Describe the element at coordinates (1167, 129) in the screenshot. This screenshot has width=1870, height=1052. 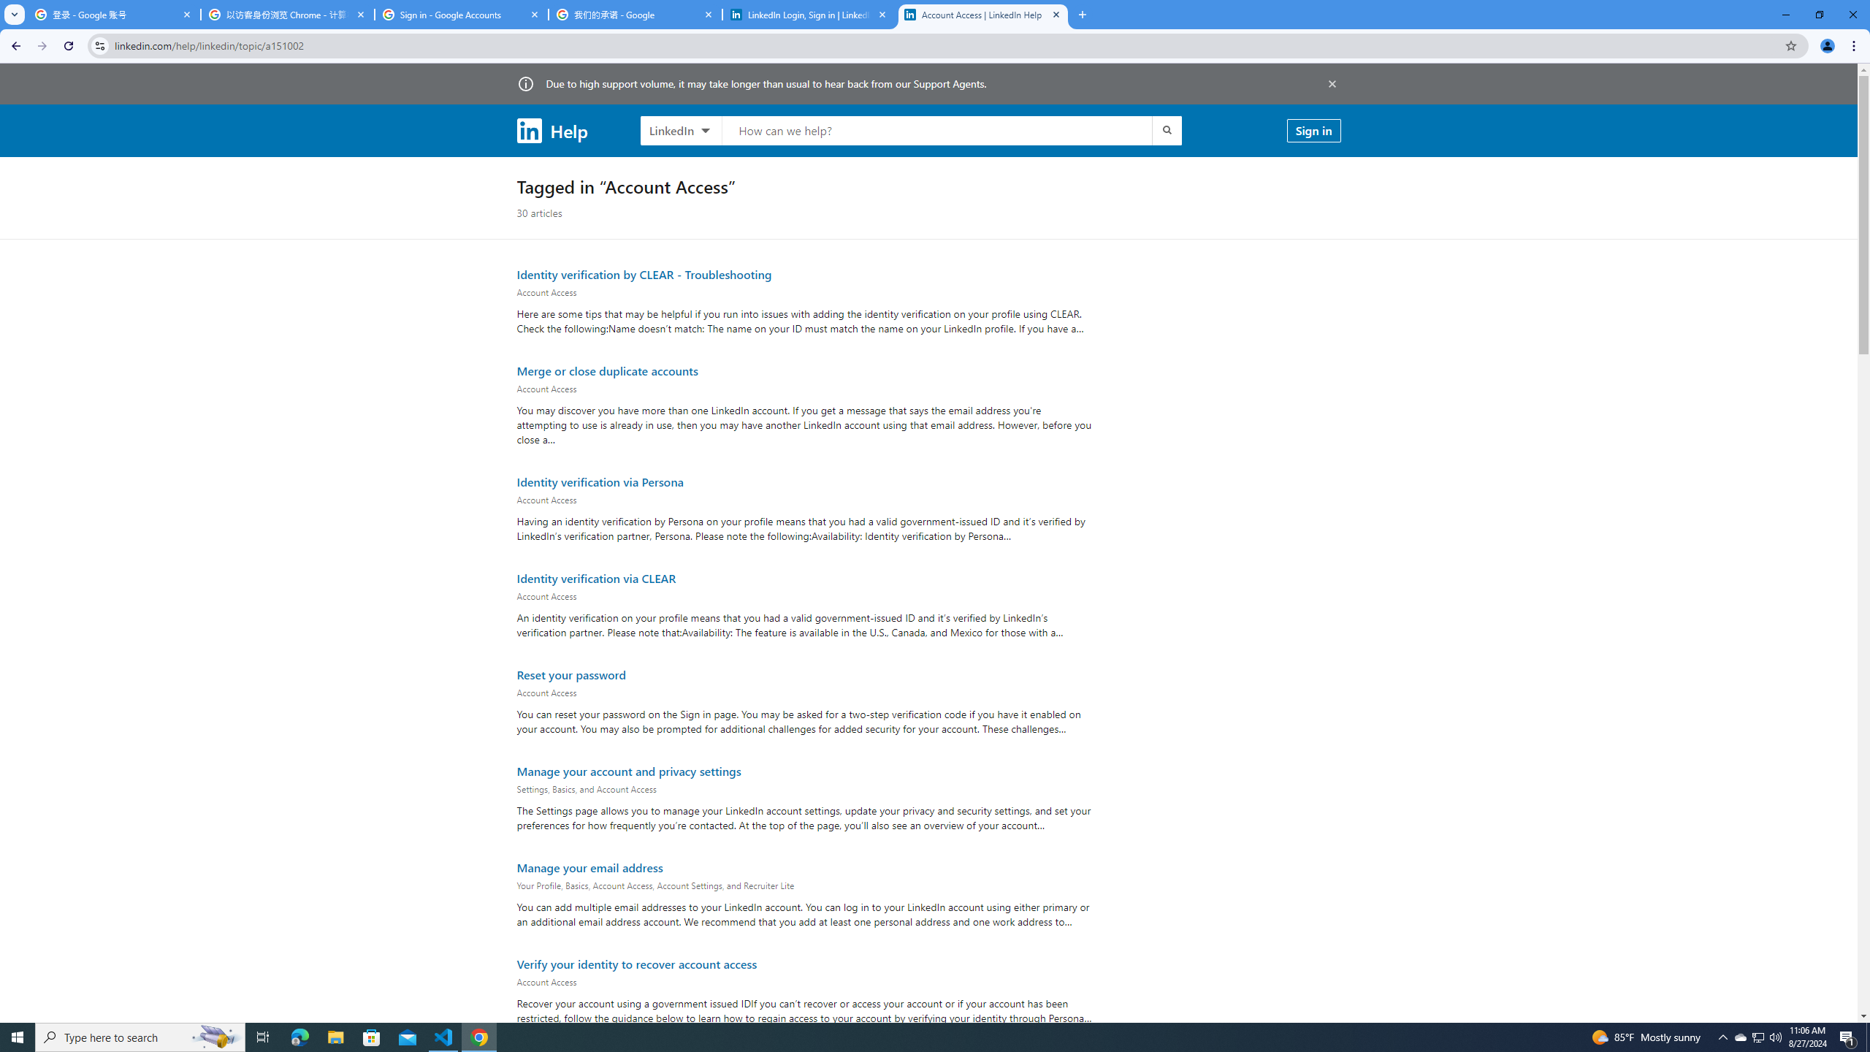
I see `'Submit search'` at that location.